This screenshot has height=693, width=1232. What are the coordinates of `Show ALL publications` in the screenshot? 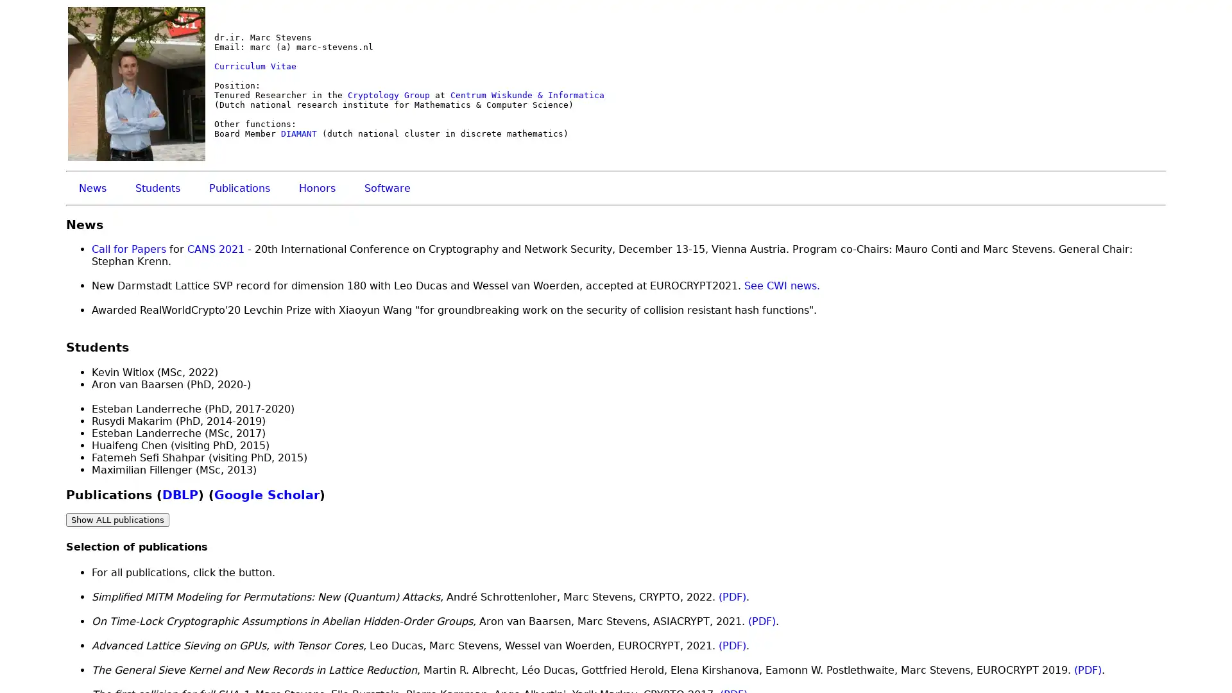 It's located at (117, 520).